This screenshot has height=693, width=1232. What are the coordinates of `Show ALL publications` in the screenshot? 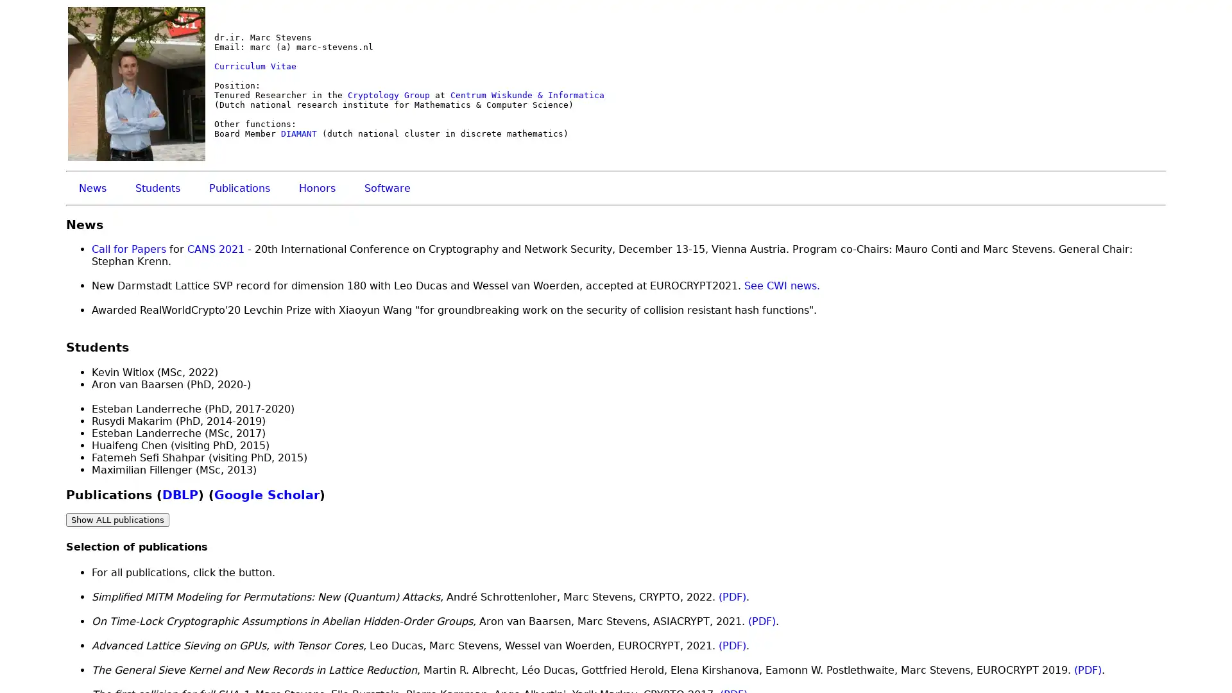 It's located at (117, 520).